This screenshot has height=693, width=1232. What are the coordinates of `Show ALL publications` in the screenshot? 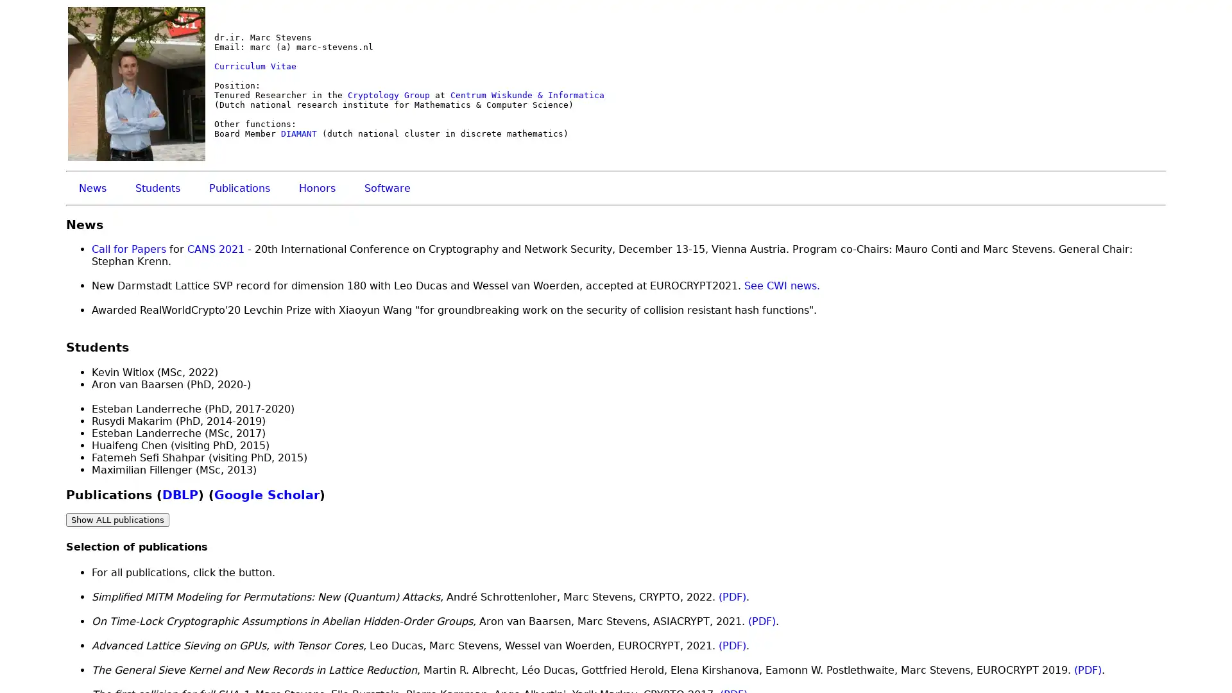 It's located at (117, 520).